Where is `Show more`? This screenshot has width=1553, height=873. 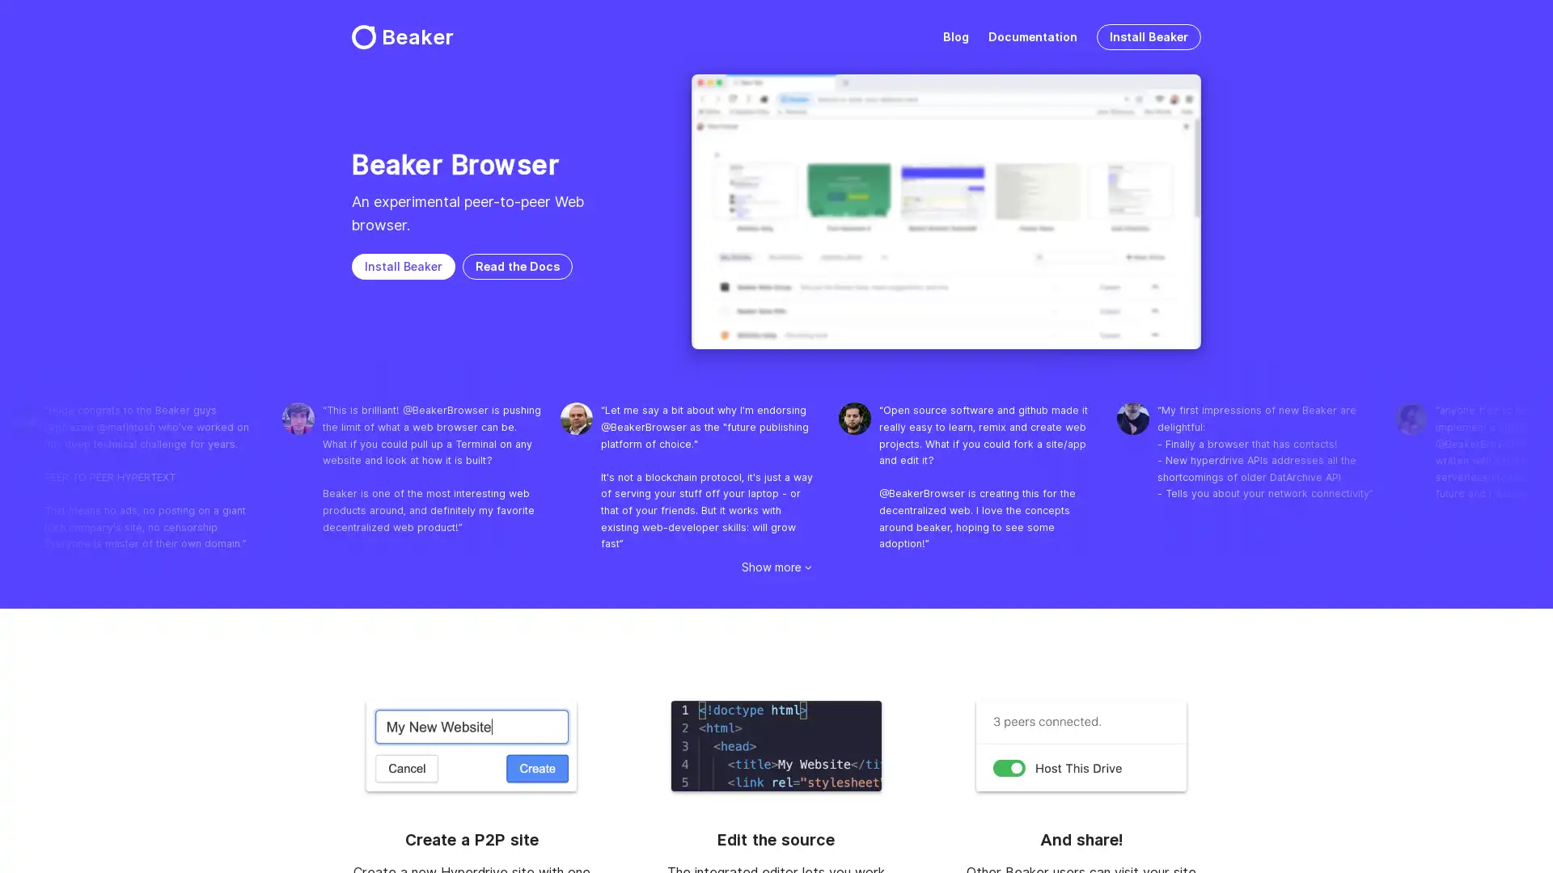 Show more is located at coordinates (776, 566).